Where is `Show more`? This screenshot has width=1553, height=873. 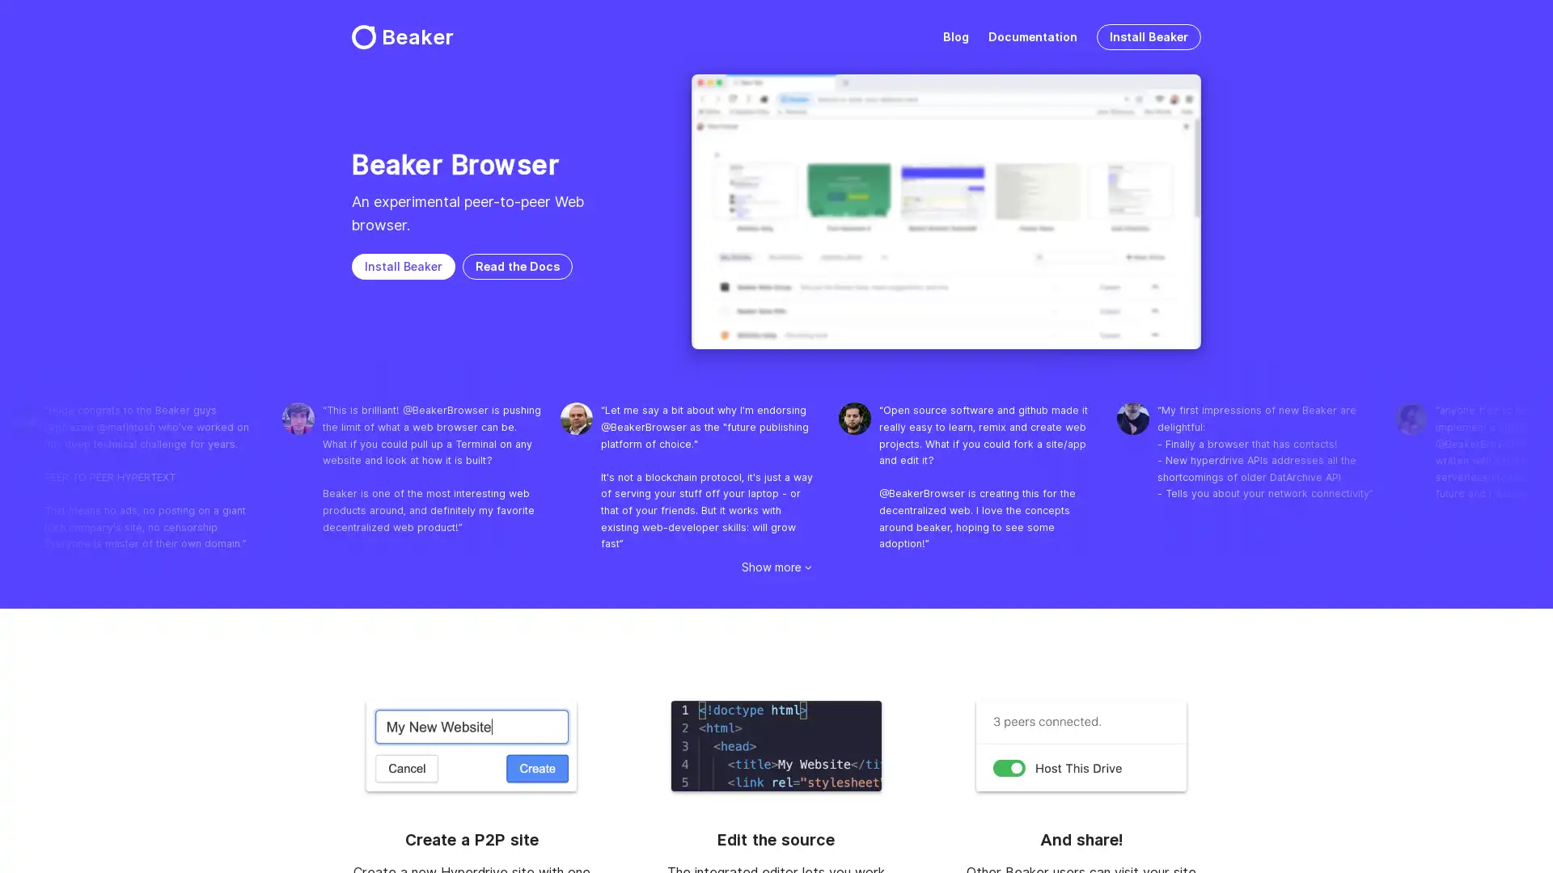 Show more is located at coordinates (776, 566).